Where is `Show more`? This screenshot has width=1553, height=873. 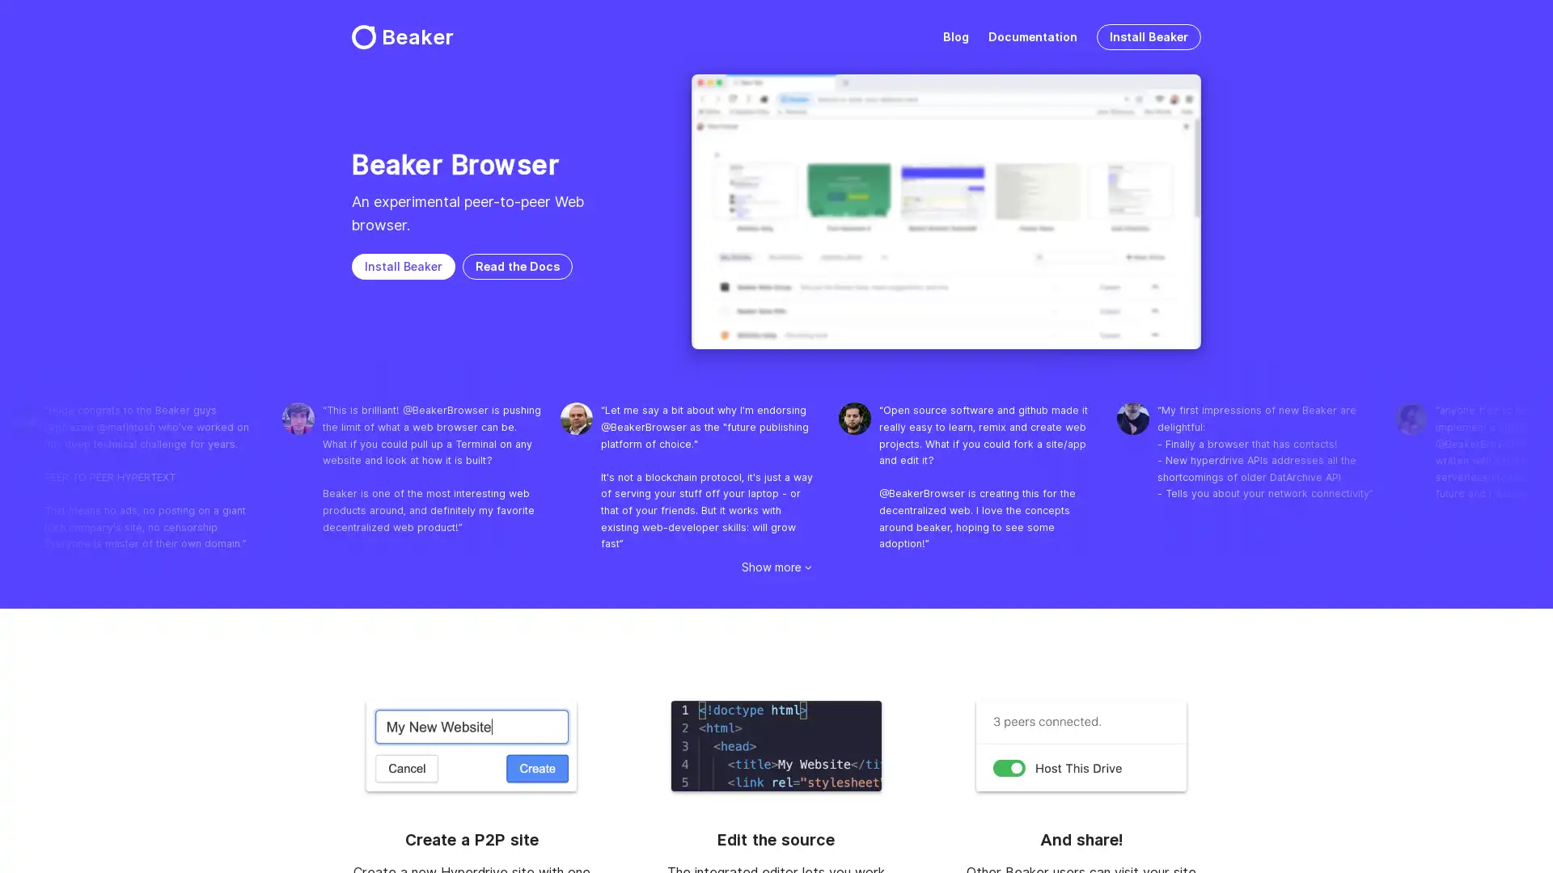 Show more is located at coordinates (776, 566).